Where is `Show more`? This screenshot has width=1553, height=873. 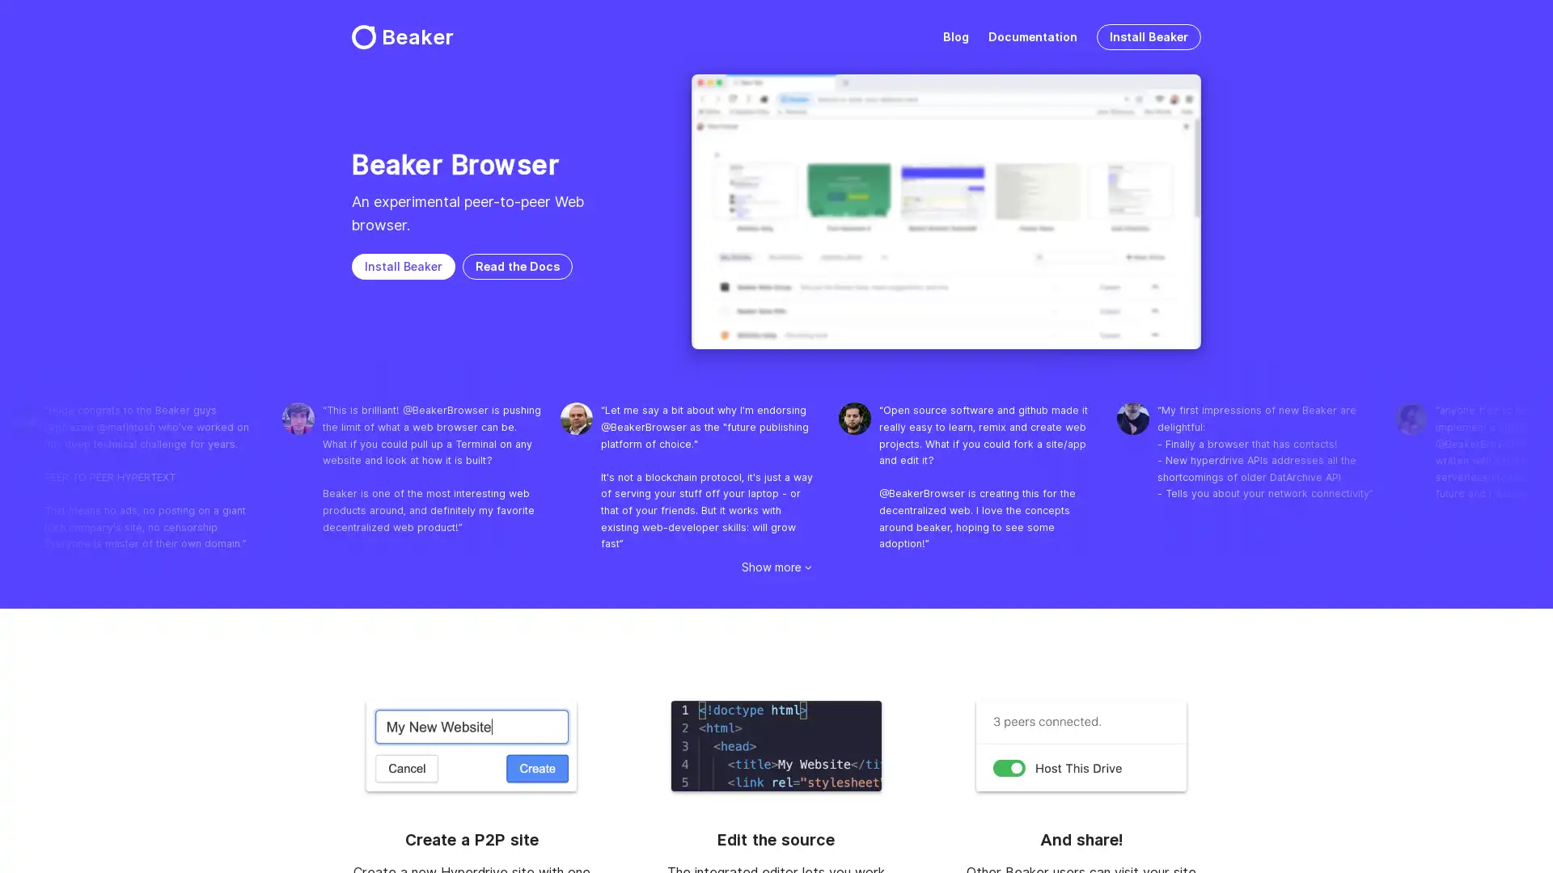 Show more is located at coordinates (776, 566).